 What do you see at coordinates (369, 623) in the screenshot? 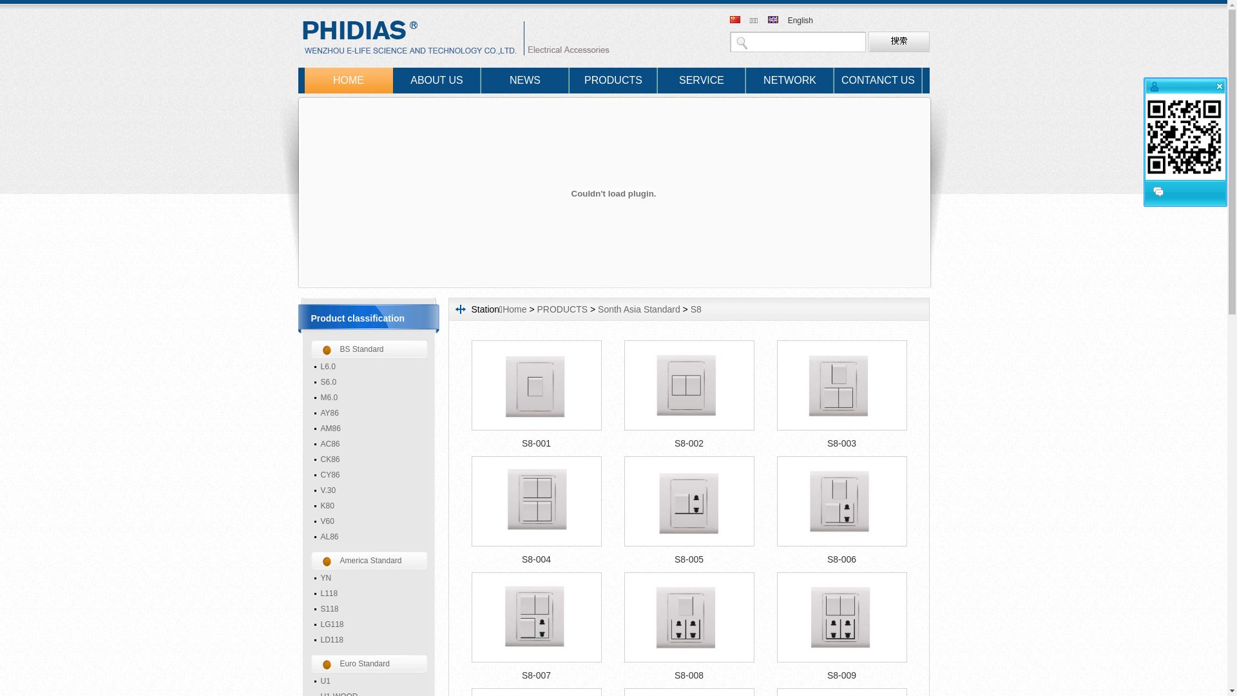
I see `'LG118'` at bounding box center [369, 623].